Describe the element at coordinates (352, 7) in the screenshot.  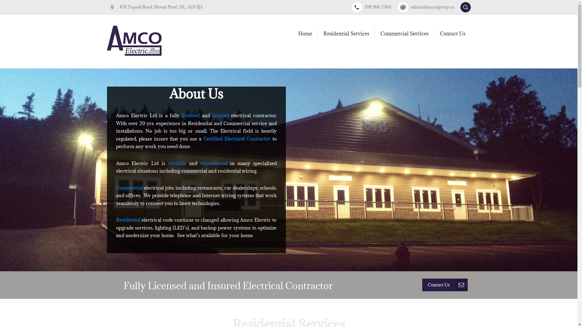
I see `'709 368-2500'` at that location.